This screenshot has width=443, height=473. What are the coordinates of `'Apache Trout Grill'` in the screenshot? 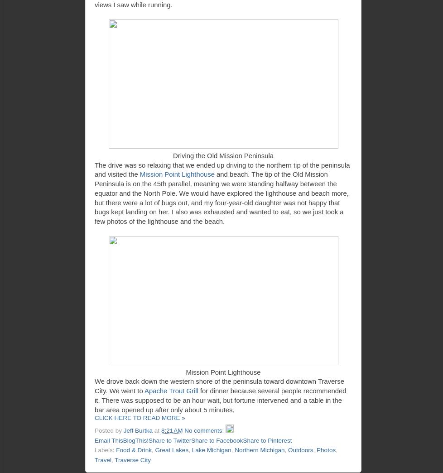 It's located at (170, 391).